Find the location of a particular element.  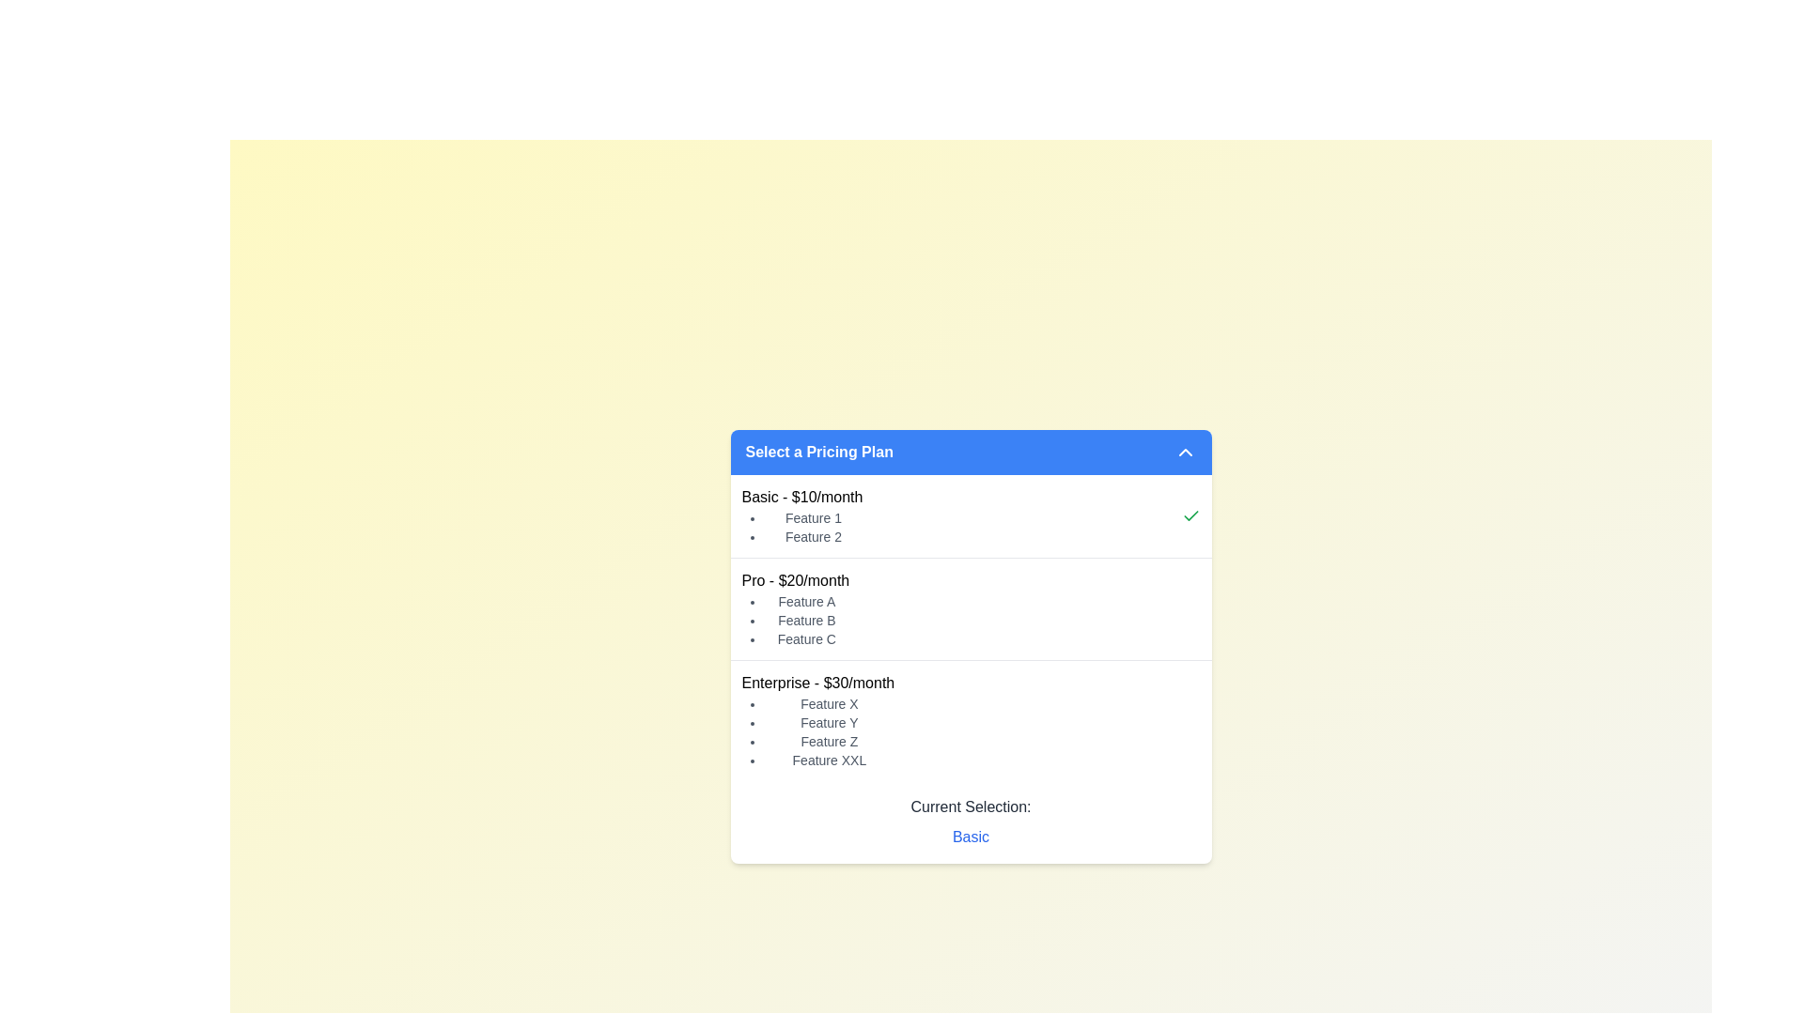

header text displaying 'Enterprise - $30/month', which is in bold and serves as the title for the Enterprise pricing plan, located at the coordinates provided is located at coordinates (817, 684).